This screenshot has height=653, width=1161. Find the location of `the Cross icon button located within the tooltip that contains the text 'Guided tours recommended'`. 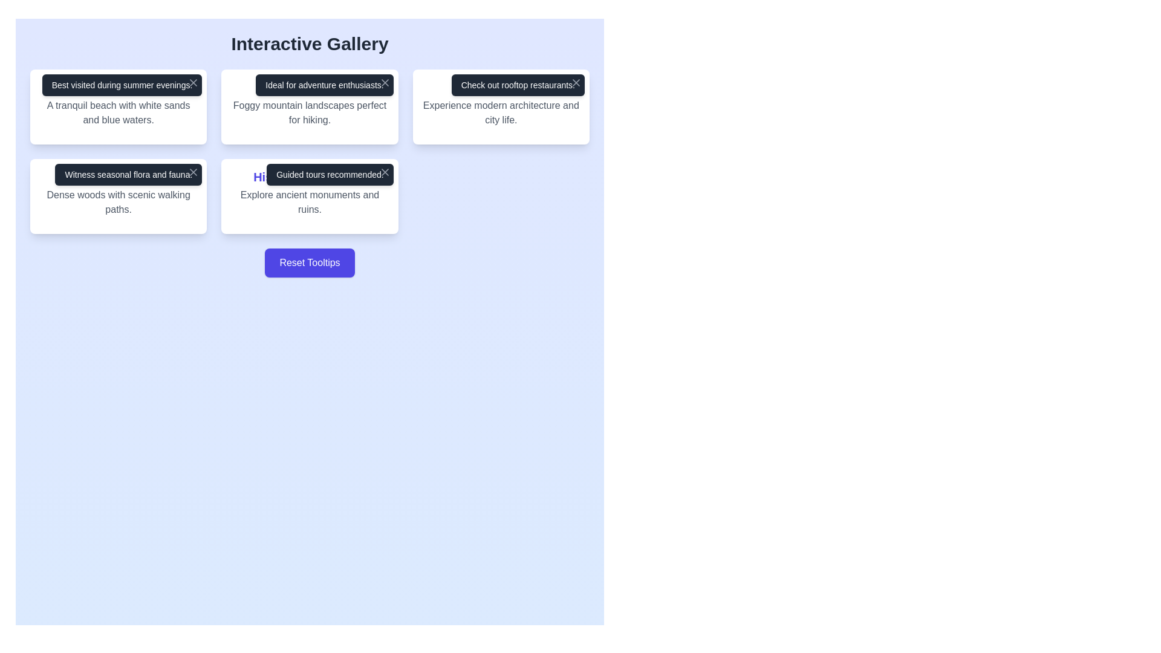

the Cross icon button located within the tooltip that contains the text 'Guided tours recommended' is located at coordinates (384, 172).